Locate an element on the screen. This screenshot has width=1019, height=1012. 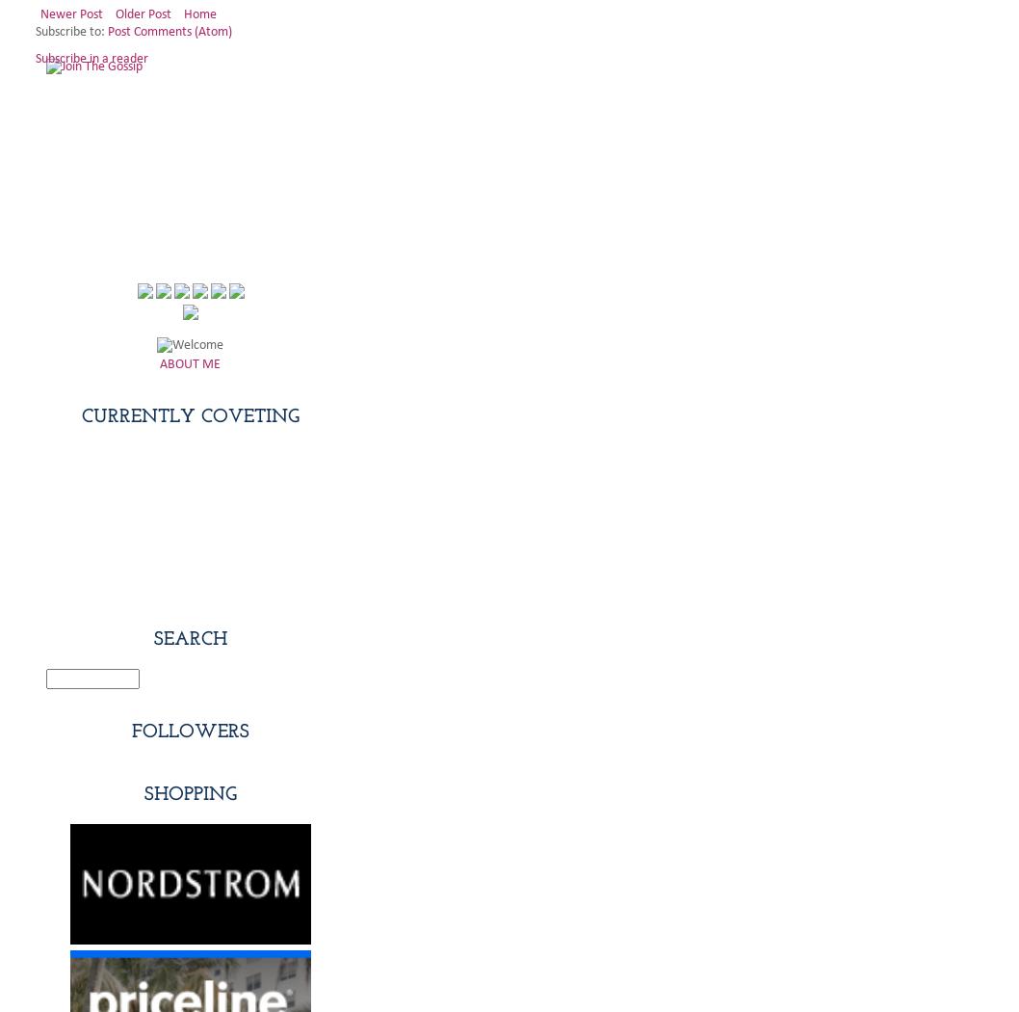
'Home' is located at coordinates (200, 14).